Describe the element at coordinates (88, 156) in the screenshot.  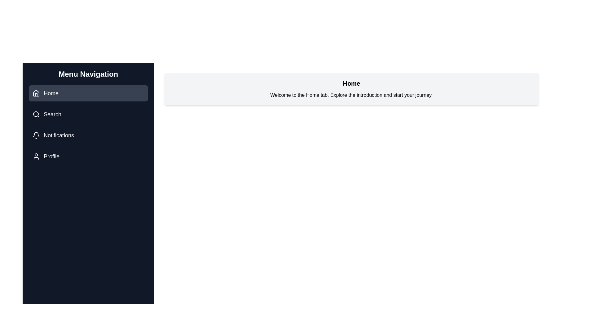
I see `the button labeled Profile to reveal its hover effect` at that location.